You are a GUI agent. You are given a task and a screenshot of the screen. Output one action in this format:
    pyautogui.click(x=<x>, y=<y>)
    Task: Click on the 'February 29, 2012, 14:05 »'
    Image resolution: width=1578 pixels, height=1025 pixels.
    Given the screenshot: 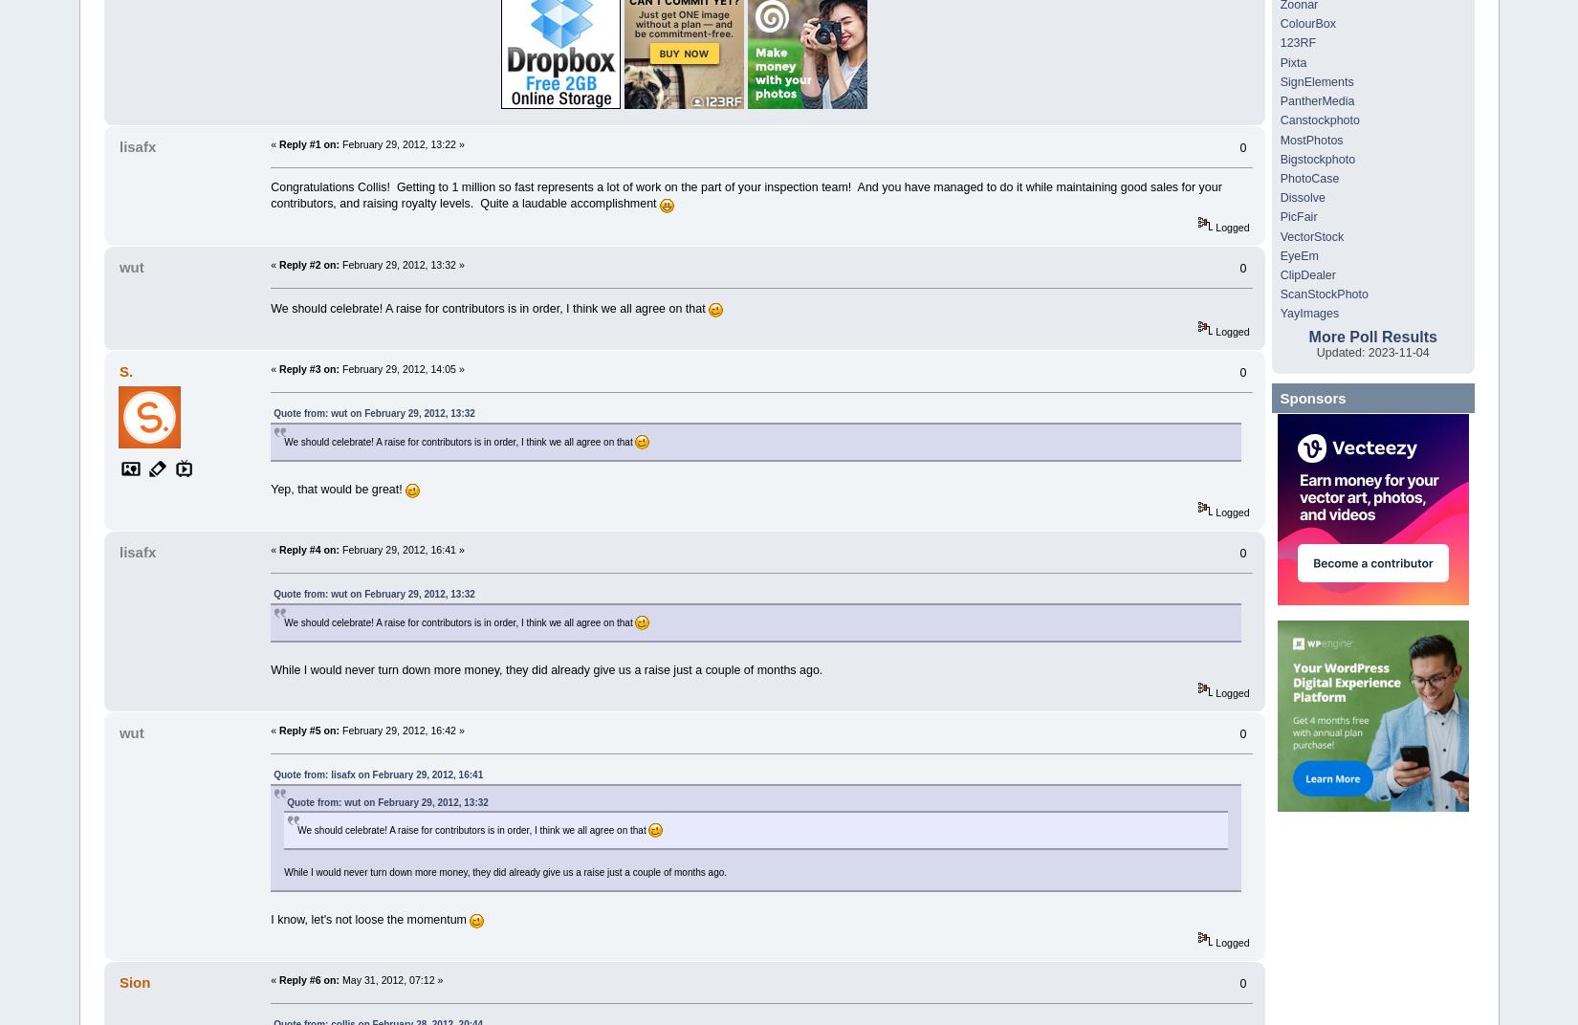 What is the action you would take?
    pyautogui.click(x=340, y=369)
    